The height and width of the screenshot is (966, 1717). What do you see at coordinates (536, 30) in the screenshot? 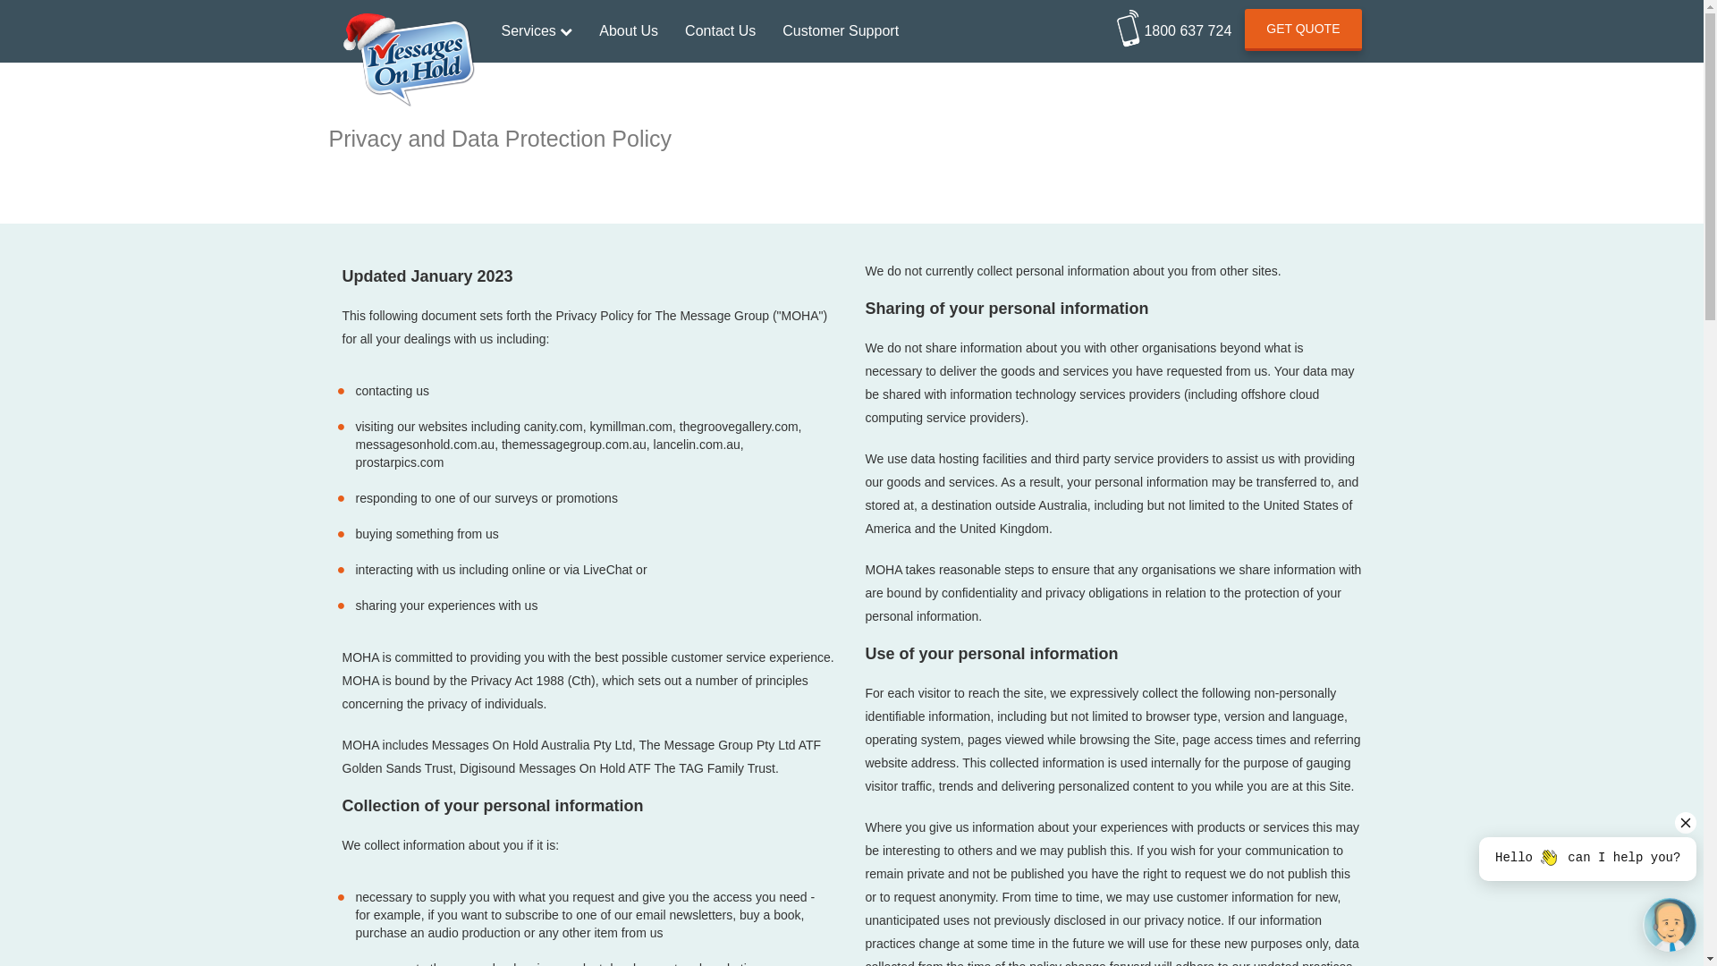
I see `'Services'` at bounding box center [536, 30].